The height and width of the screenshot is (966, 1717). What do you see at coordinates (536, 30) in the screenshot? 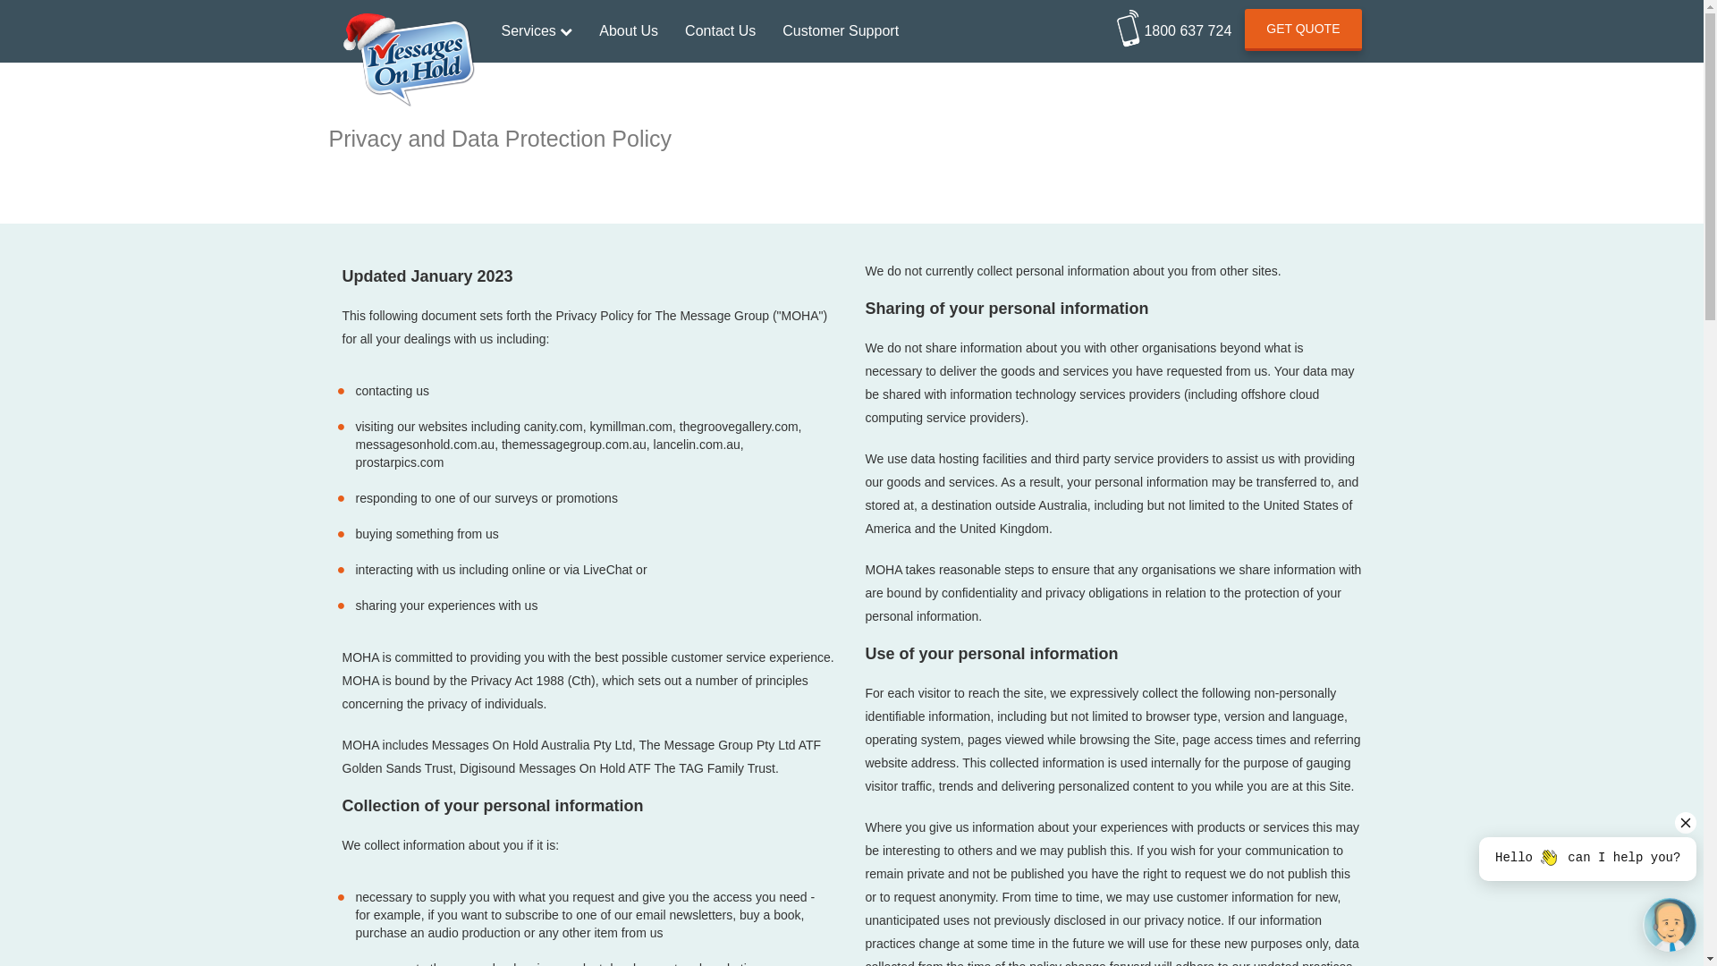
I see `'Services'` at bounding box center [536, 30].